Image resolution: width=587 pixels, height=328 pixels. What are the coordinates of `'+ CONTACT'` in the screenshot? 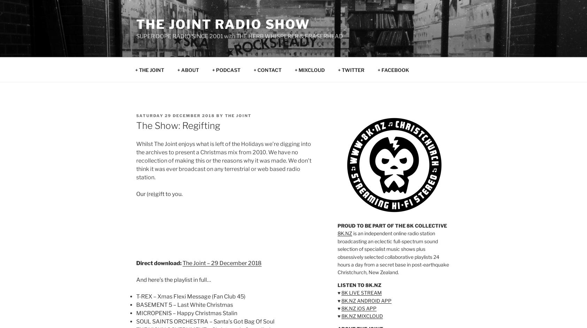 It's located at (267, 69).